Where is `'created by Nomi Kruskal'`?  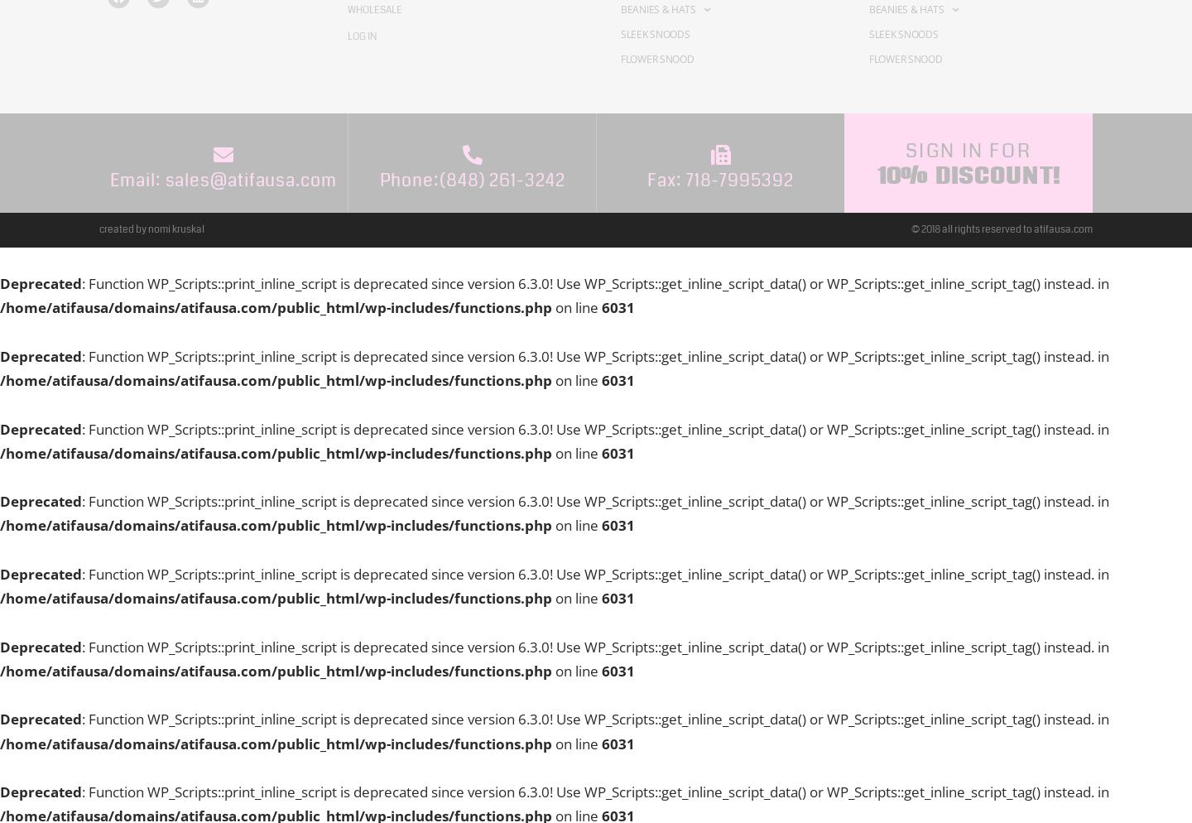 'created by Nomi Kruskal' is located at coordinates (151, 228).